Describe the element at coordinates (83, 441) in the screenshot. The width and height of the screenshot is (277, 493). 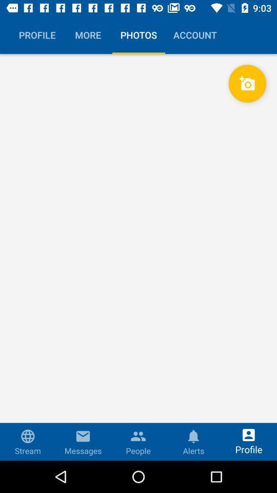
I see `the second button in the bottom menu bar` at that location.